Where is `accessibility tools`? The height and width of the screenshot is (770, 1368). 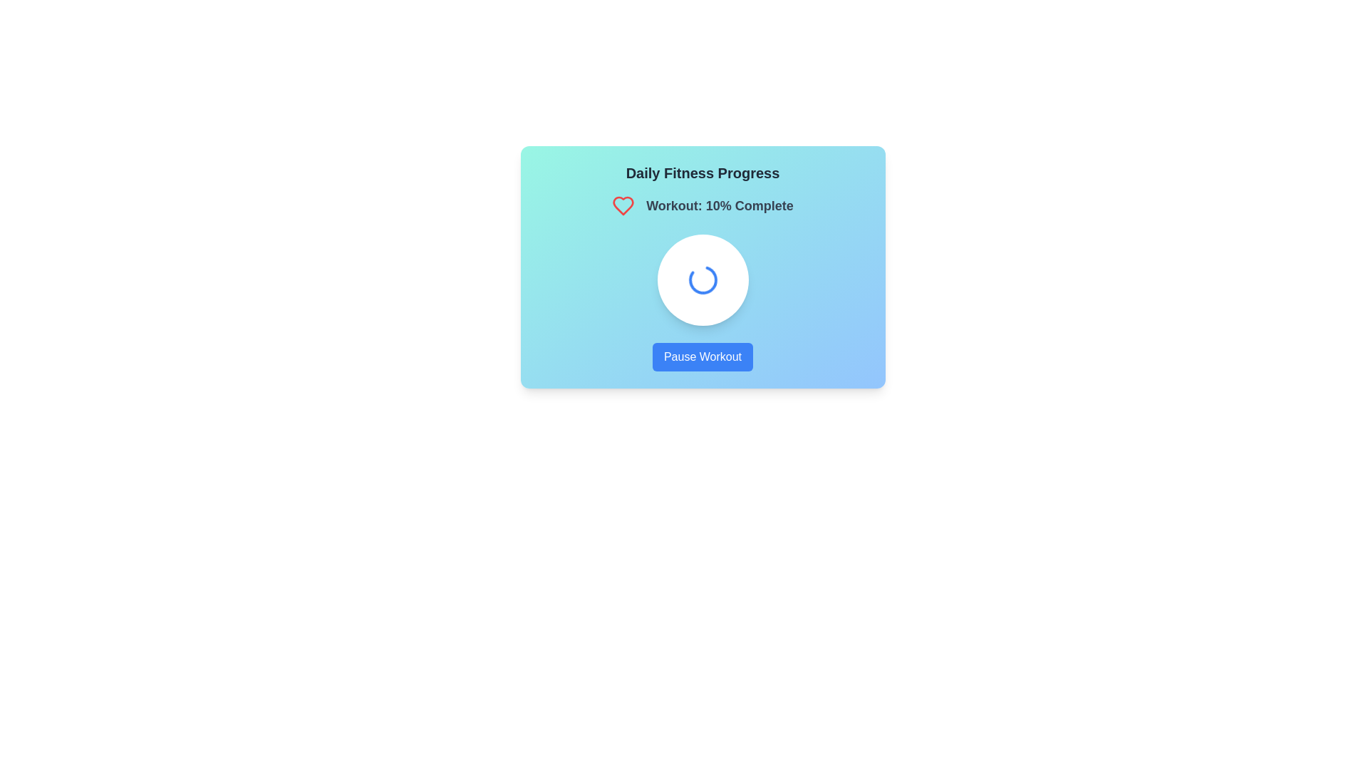 accessibility tools is located at coordinates (720, 206).